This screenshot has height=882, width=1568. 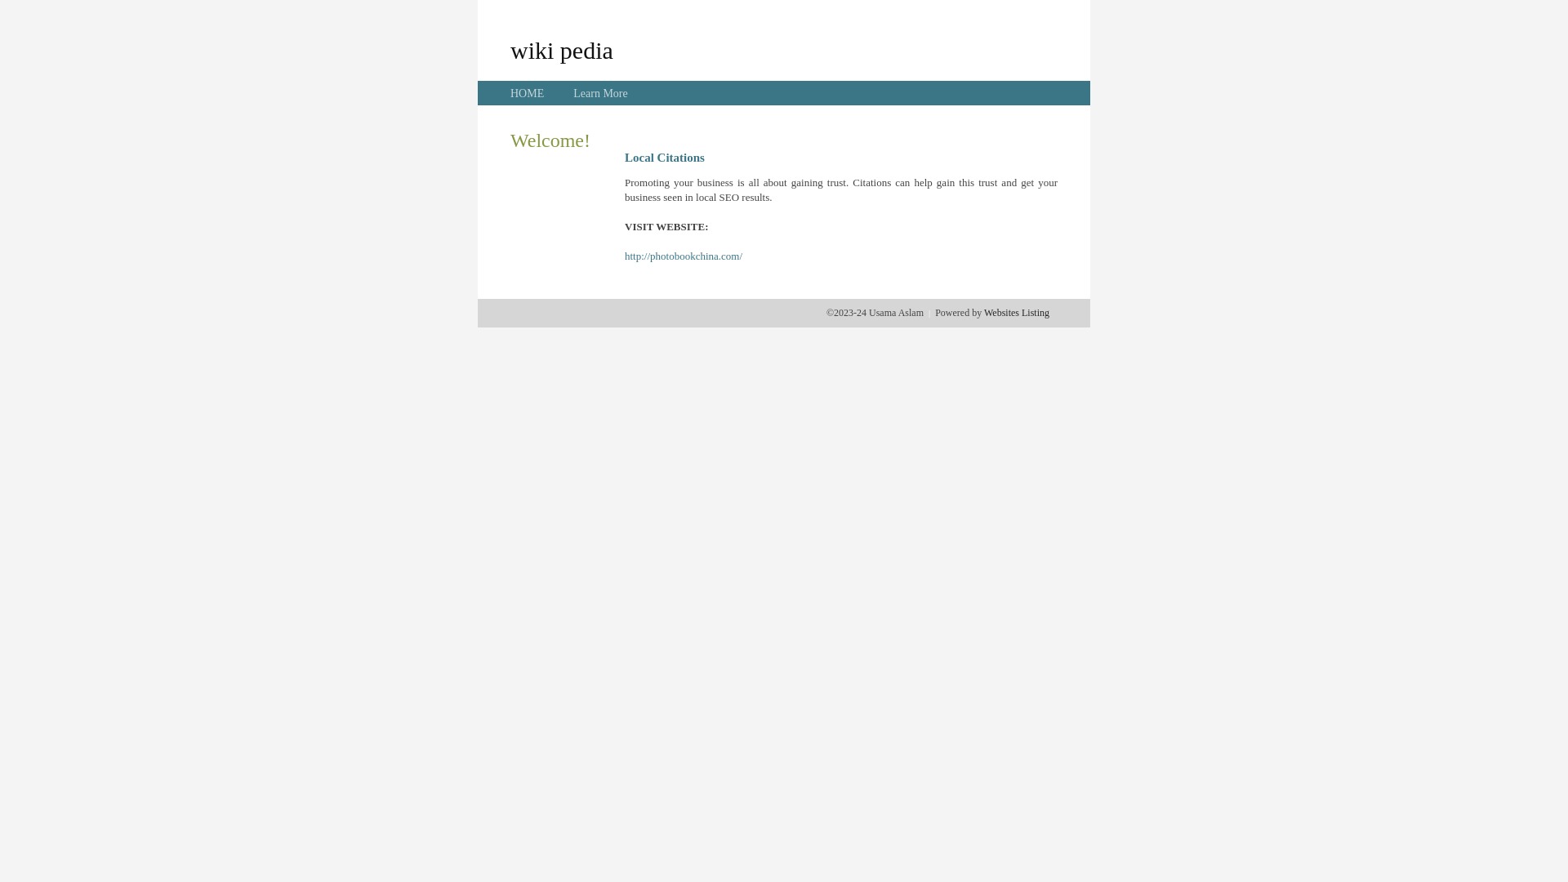 What do you see at coordinates (1015, 312) in the screenshot?
I see `'Websites Listing'` at bounding box center [1015, 312].